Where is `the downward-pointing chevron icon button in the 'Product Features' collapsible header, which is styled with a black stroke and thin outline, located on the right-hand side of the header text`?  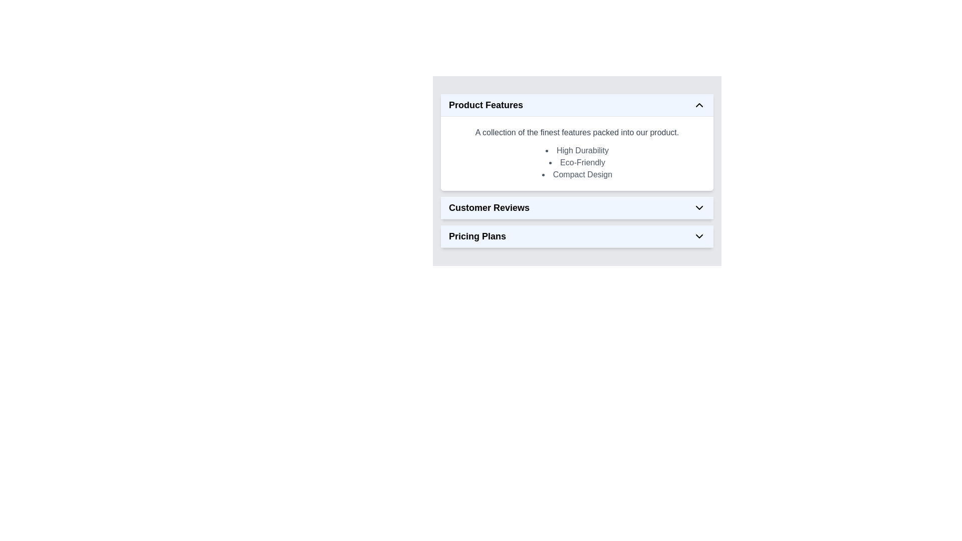 the downward-pointing chevron icon button in the 'Product Features' collapsible header, which is styled with a black stroke and thin outline, located on the right-hand side of the header text is located at coordinates (699, 105).